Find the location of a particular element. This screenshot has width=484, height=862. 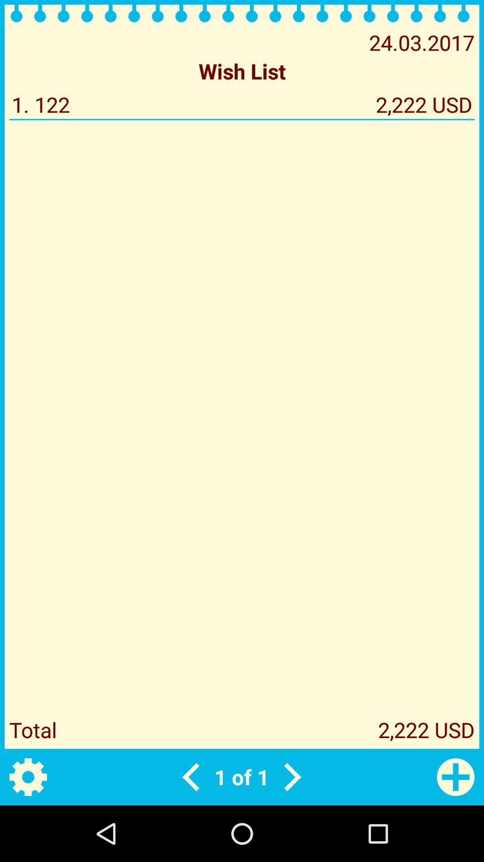

the arrow_forward icon is located at coordinates (293, 831).